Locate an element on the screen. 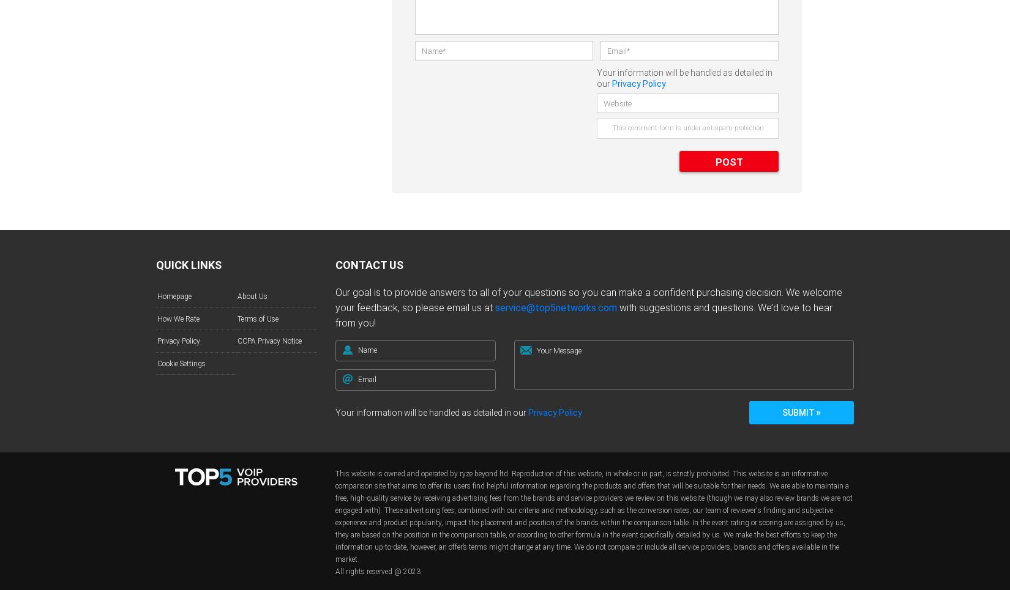  'Homepage' is located at coordinates (174, 297).